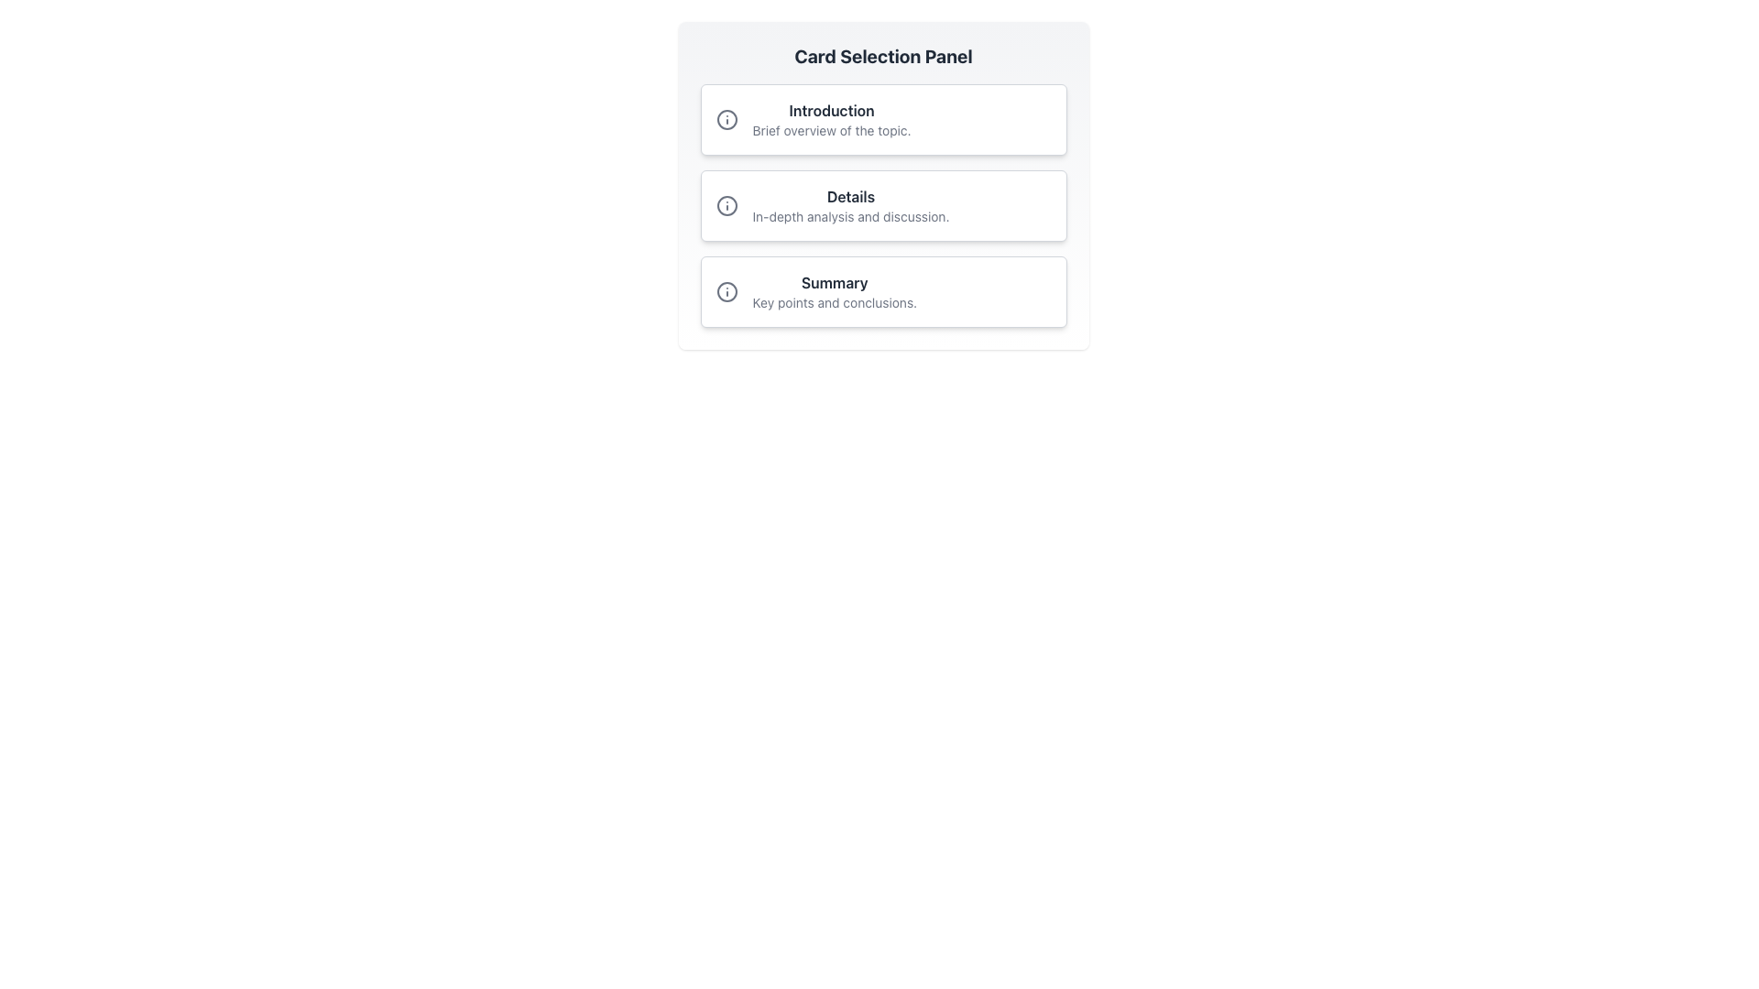 Image resolution: width=1759 pixels, height=989 pixels. What do you see at coordinates (830, 110) in the screenshot?
I see `the Text Label that serves as the title for the 'Introduction' card, which is positioned near the top of the card and is the first line in a vertically-aligned panel of selectable cards` at bounding box center [830, 110].